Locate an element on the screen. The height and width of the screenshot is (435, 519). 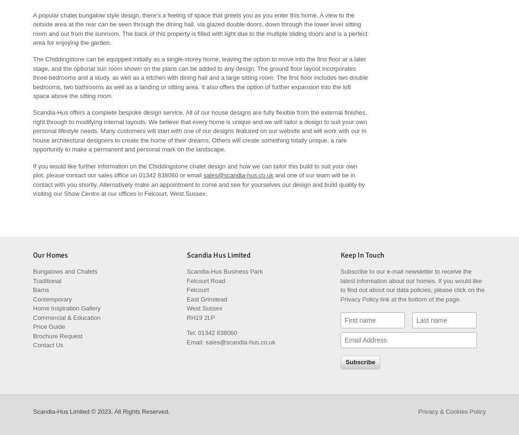
'Scandia-Hus Business Park' is located at coordinates (224, 271).